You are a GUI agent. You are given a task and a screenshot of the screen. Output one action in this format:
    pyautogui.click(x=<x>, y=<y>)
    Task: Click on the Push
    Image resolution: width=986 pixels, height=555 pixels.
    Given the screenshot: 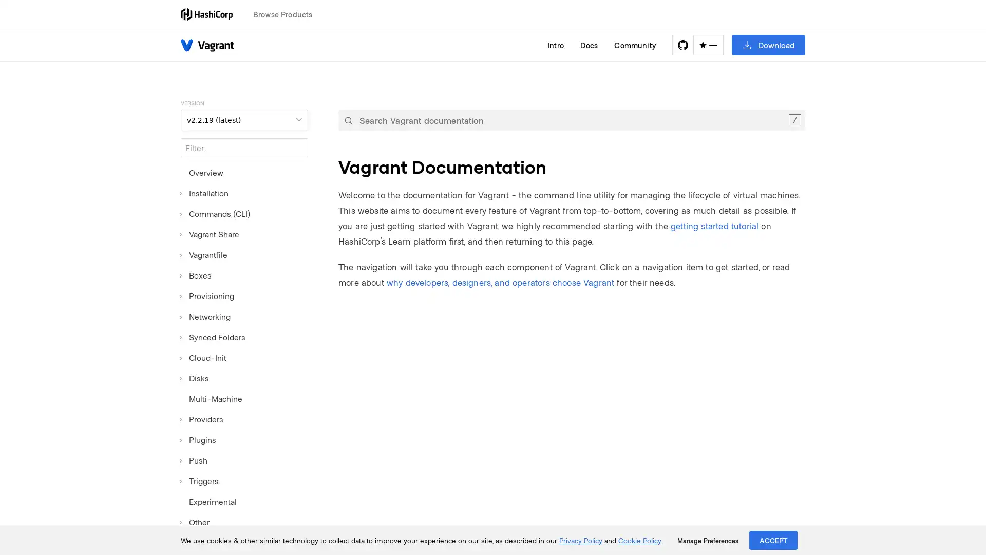 What is the action you would take?
    pyautogui.click(x=194, y=459)
    